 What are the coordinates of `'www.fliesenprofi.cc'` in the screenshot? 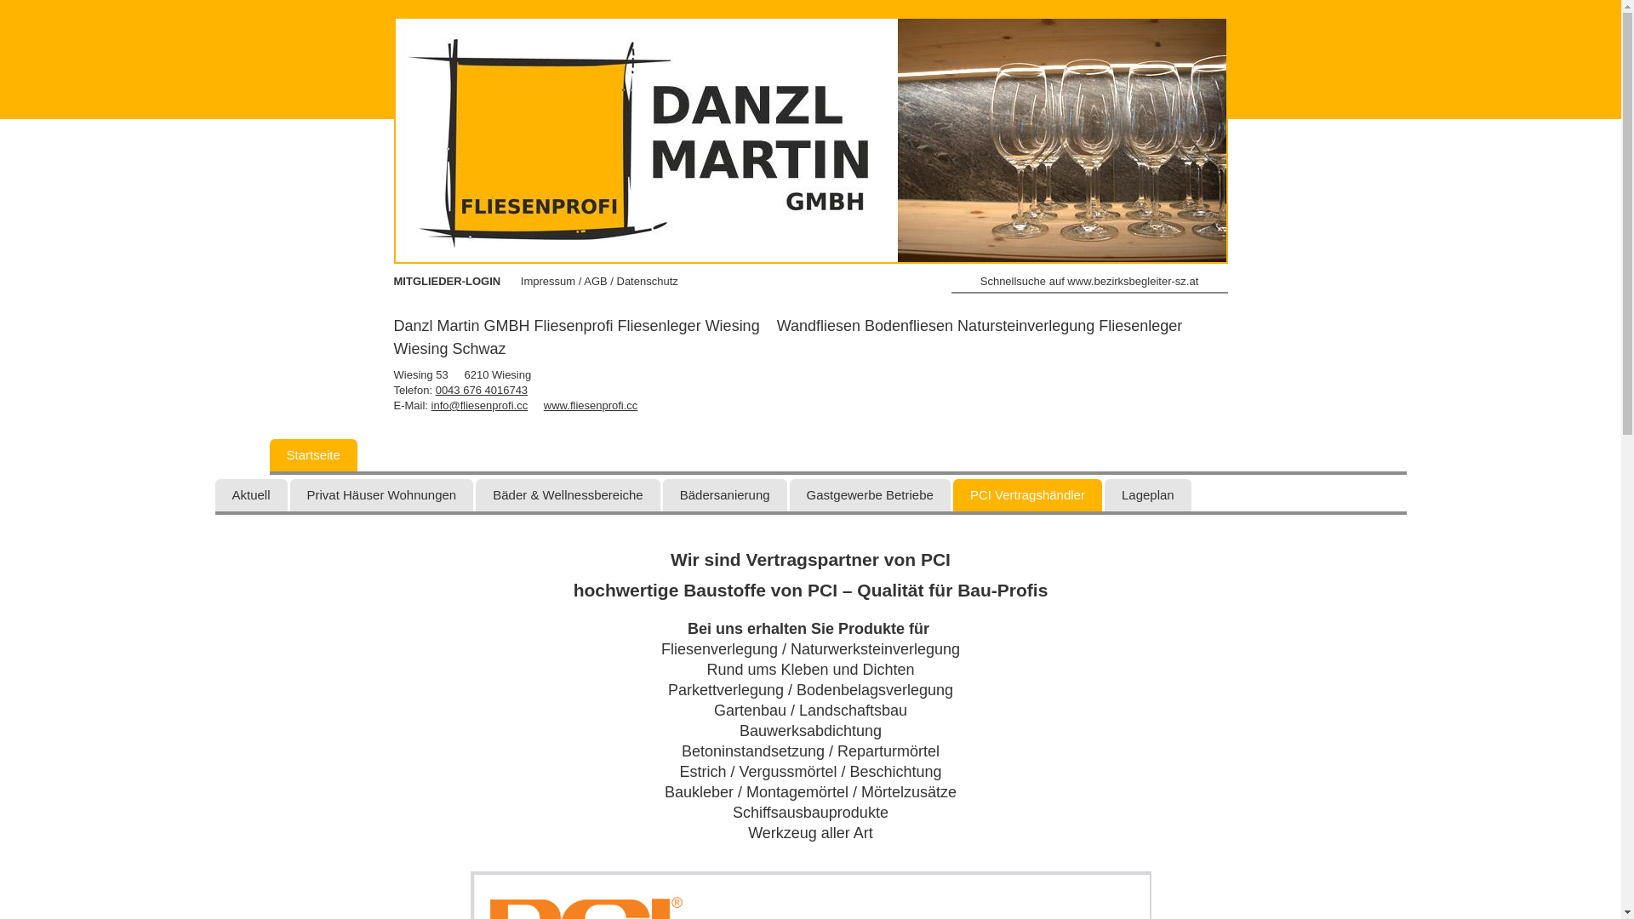 It's located at (542, 405).